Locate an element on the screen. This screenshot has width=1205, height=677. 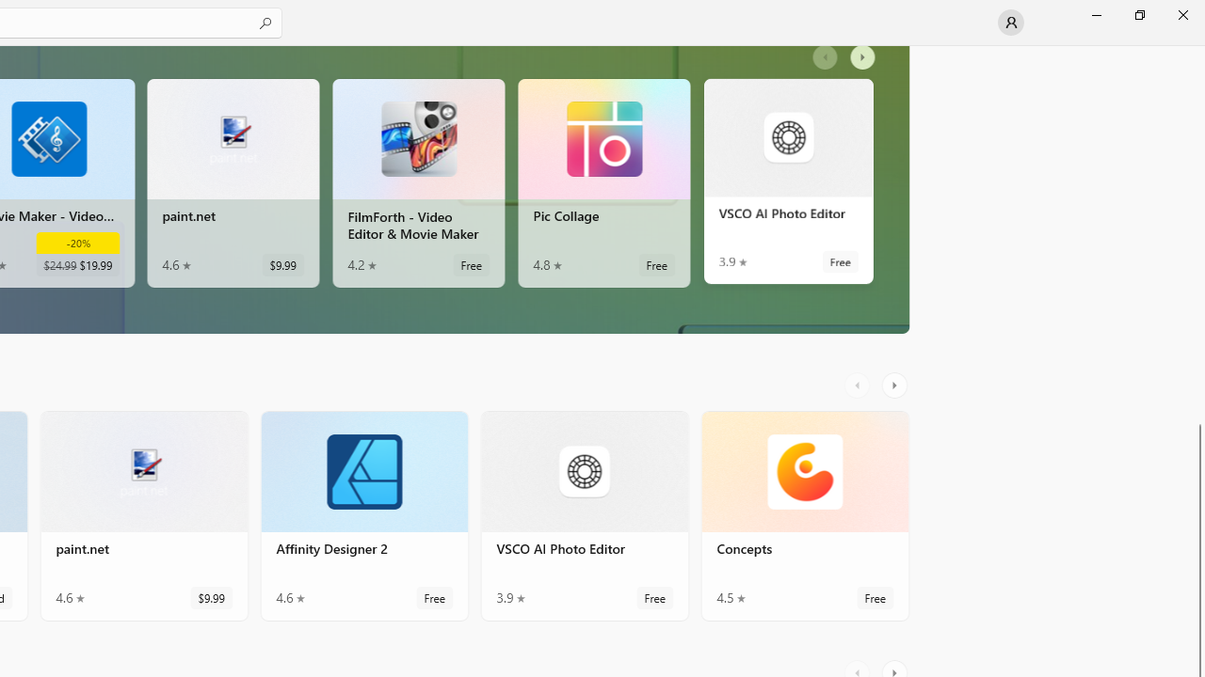
'AutomationID: LeftScrollButton' is located at coordinates (859, 385).